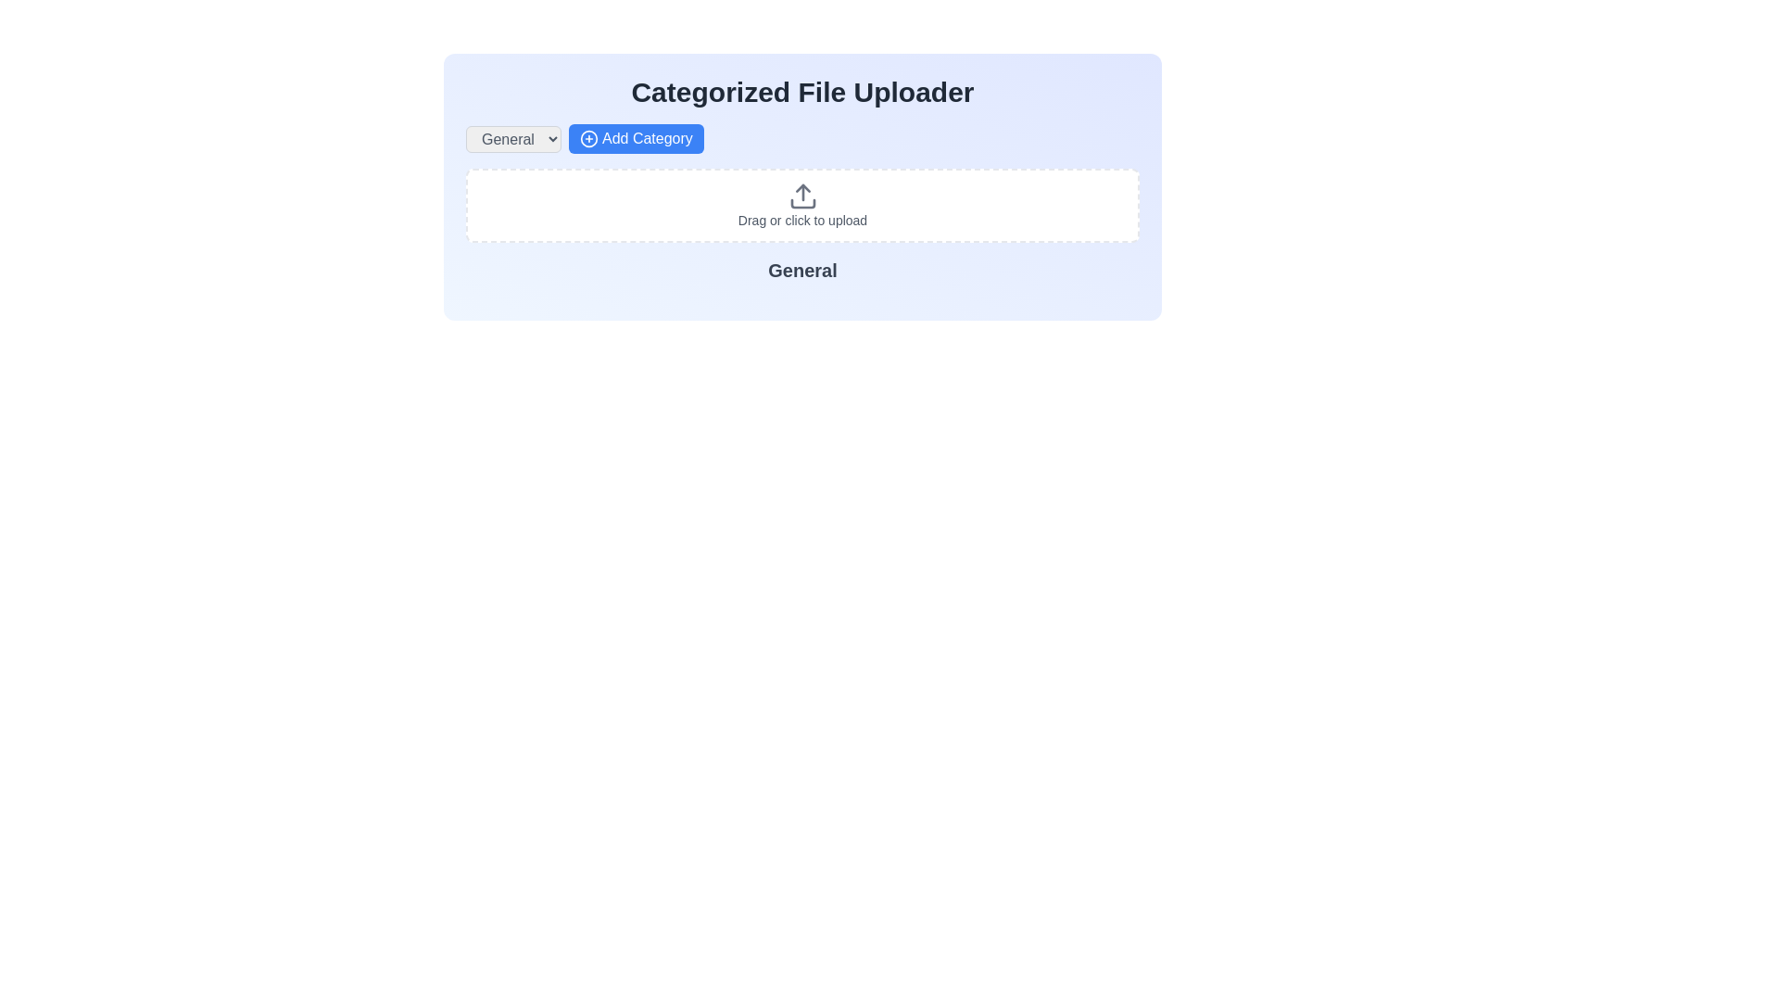 The width and height of the screenshot is (1779, 1001). I want to click on the File upload area element with dashed borders and rounded corners, which is styled in white and shows a shadow effect upon hovering, so click(802, 206).